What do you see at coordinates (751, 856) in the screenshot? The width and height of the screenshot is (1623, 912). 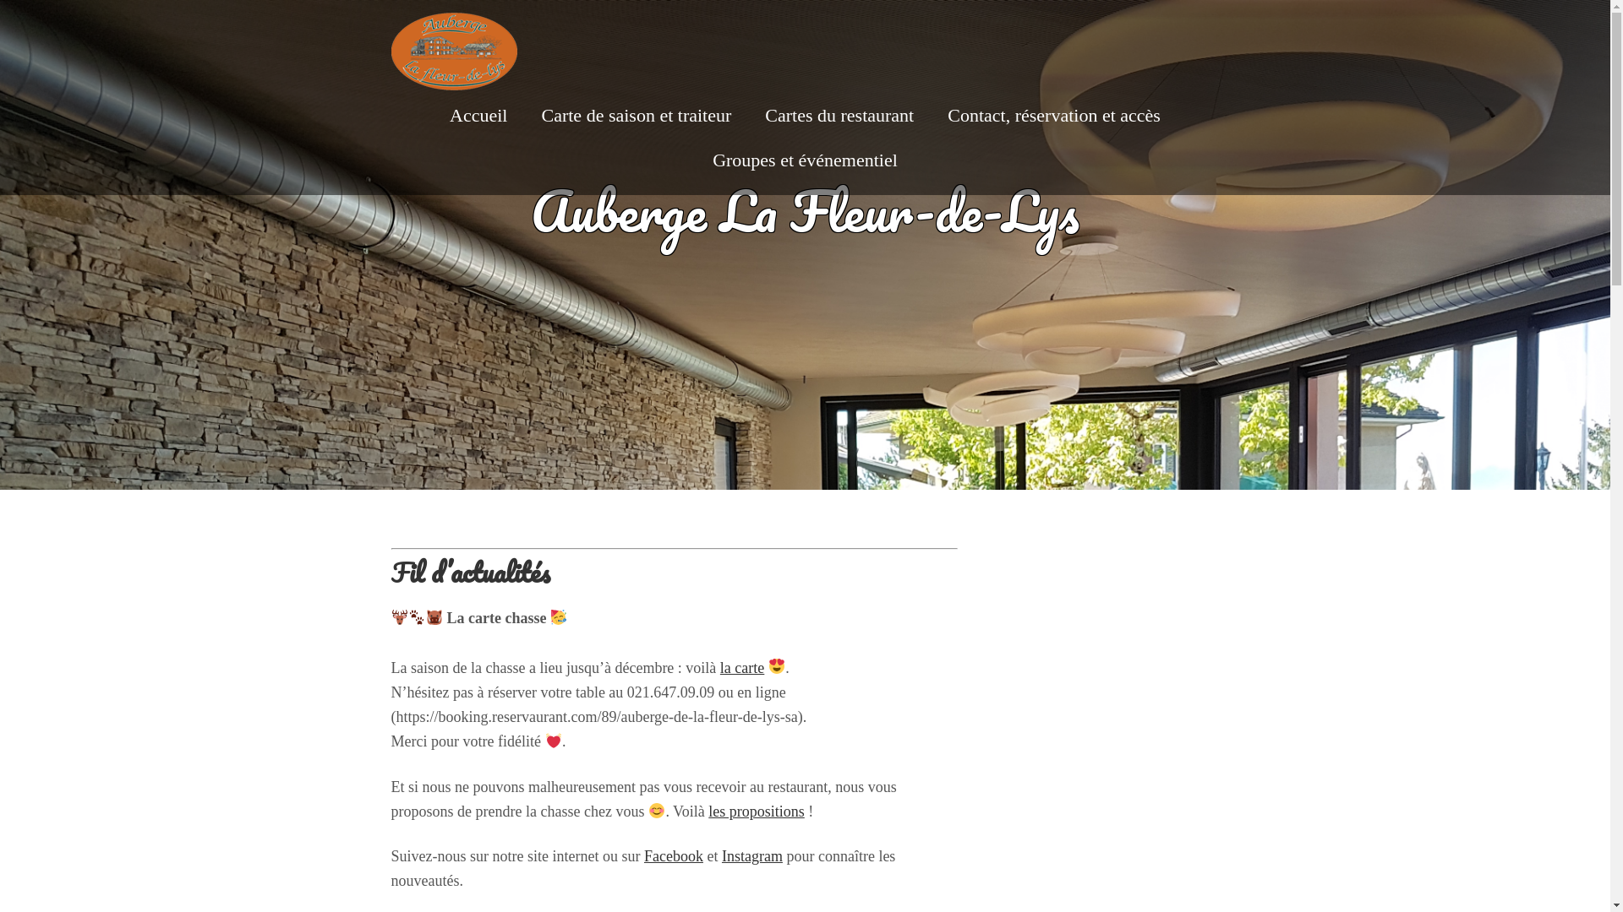 I see `'Instagram'` at bounding box center [751, 856].